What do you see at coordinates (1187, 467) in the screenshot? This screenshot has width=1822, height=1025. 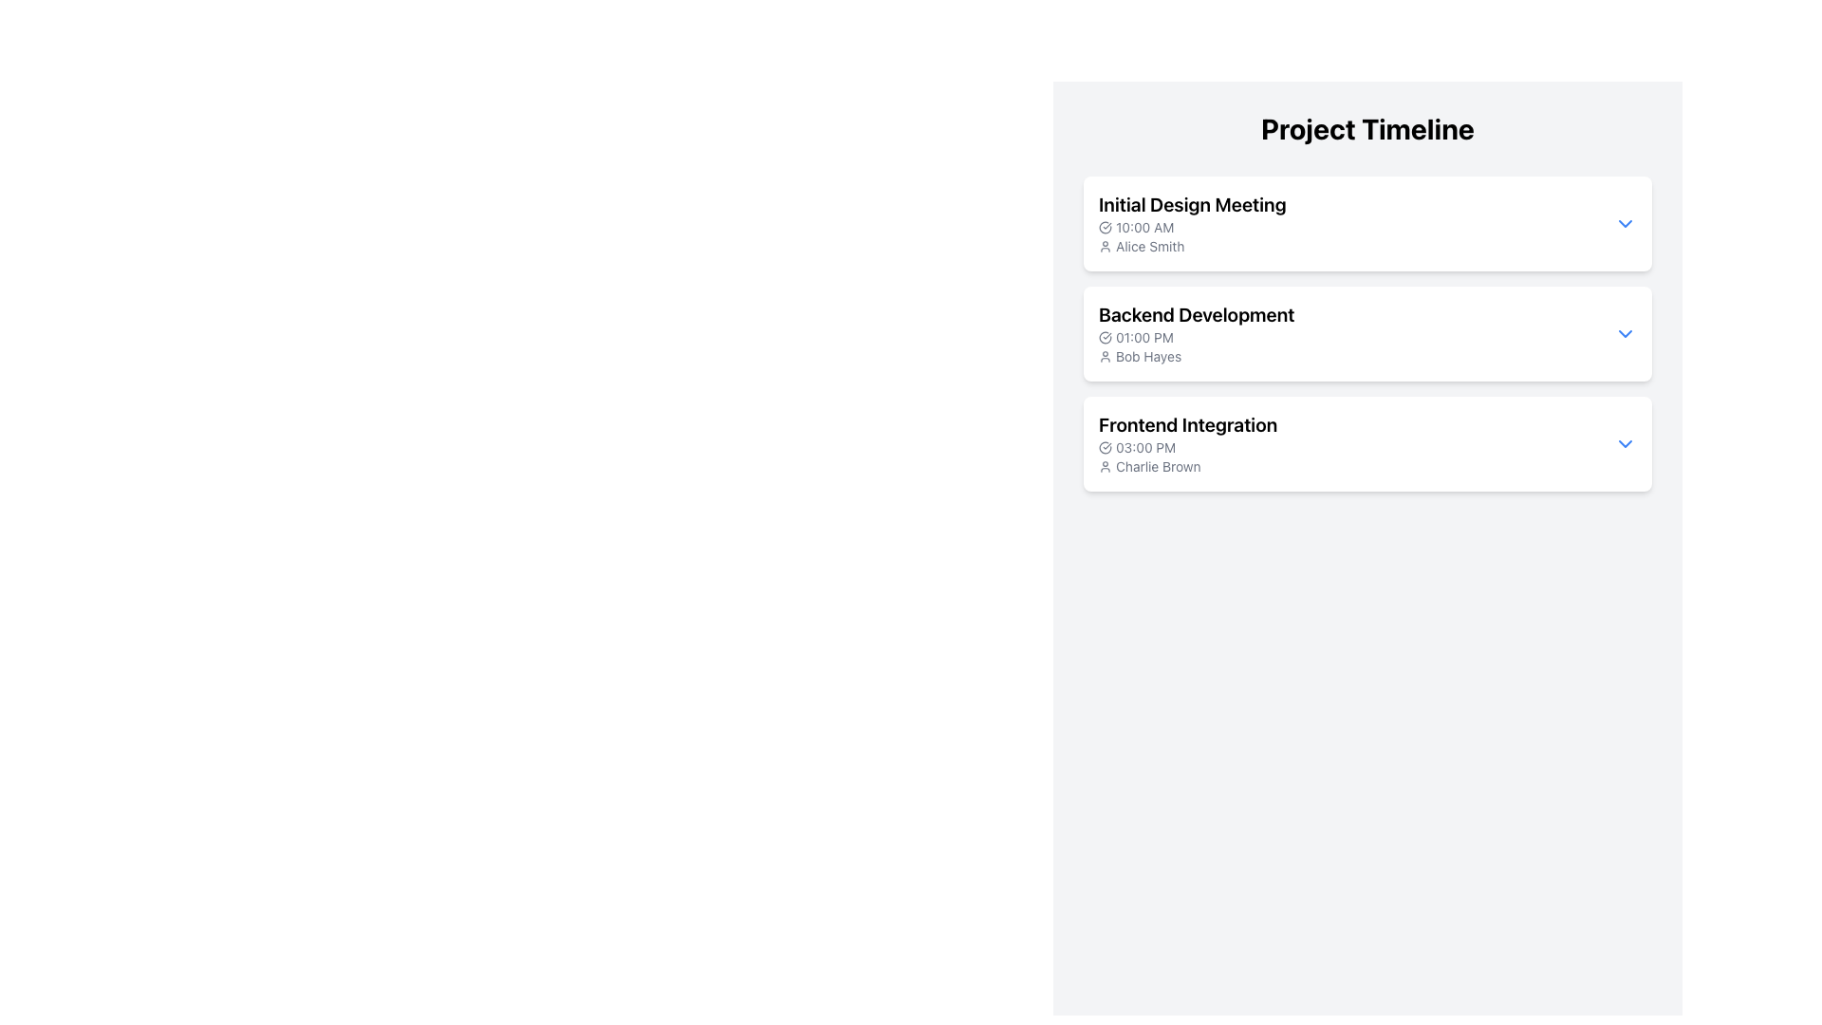 I see `the text label displaying the name 'Charlie Brown' located in the 'Frontend Integration' section, which is aligned with a user icon to its left` at bounding box center [1187, 467].